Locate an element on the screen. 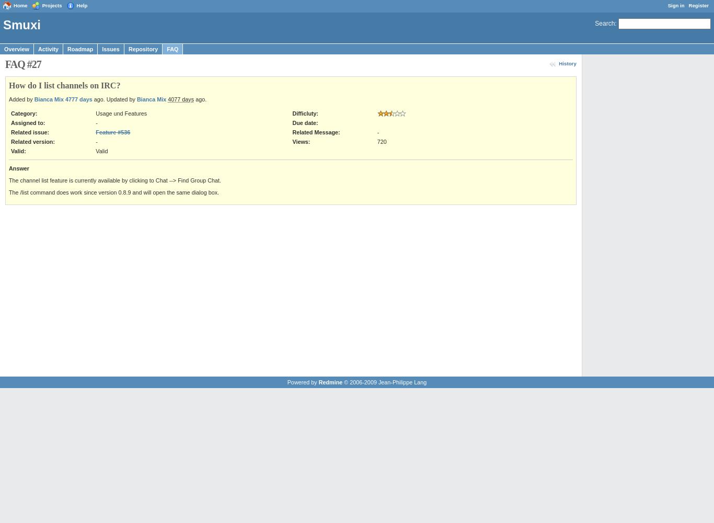 This screenshot has width=714, height=523. 'Valid:' is located at coordinates (18, 151).